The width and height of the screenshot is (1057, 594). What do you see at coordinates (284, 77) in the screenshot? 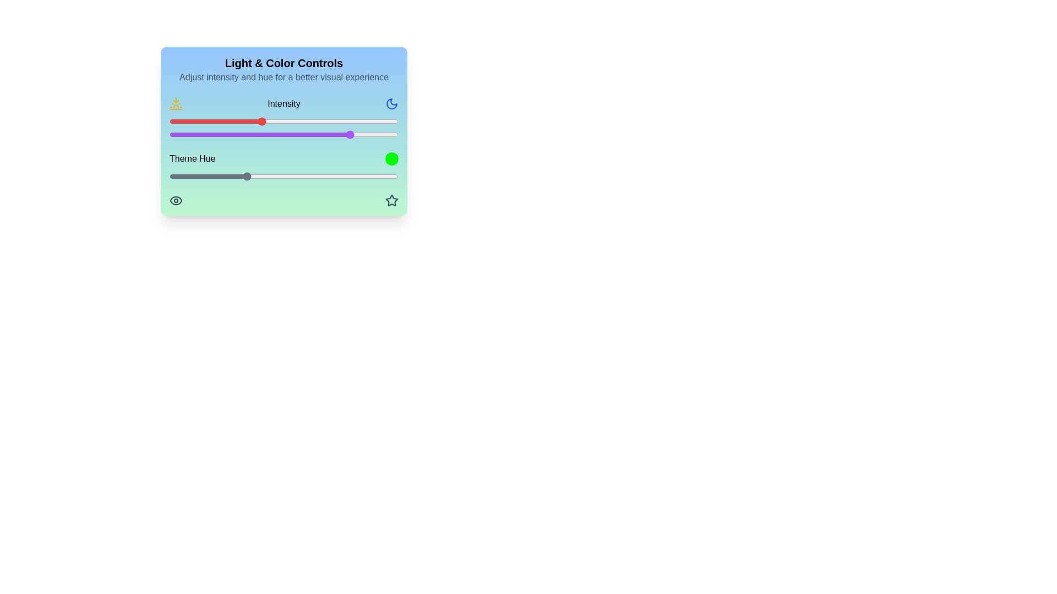
I see `the descriptive text label stating 'Adjust intensity and hue for a better visual experience', which is styled with a gray font and positioned under the heading 'Light & Color Controls'` at bounding box center [284, 77].